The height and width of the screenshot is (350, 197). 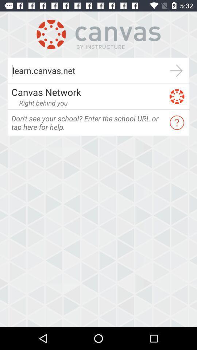 What do you see at coordinates (85, 70) in the screenshot?
I see `the learn.canvas.net item` at bounding box center [85, 70].